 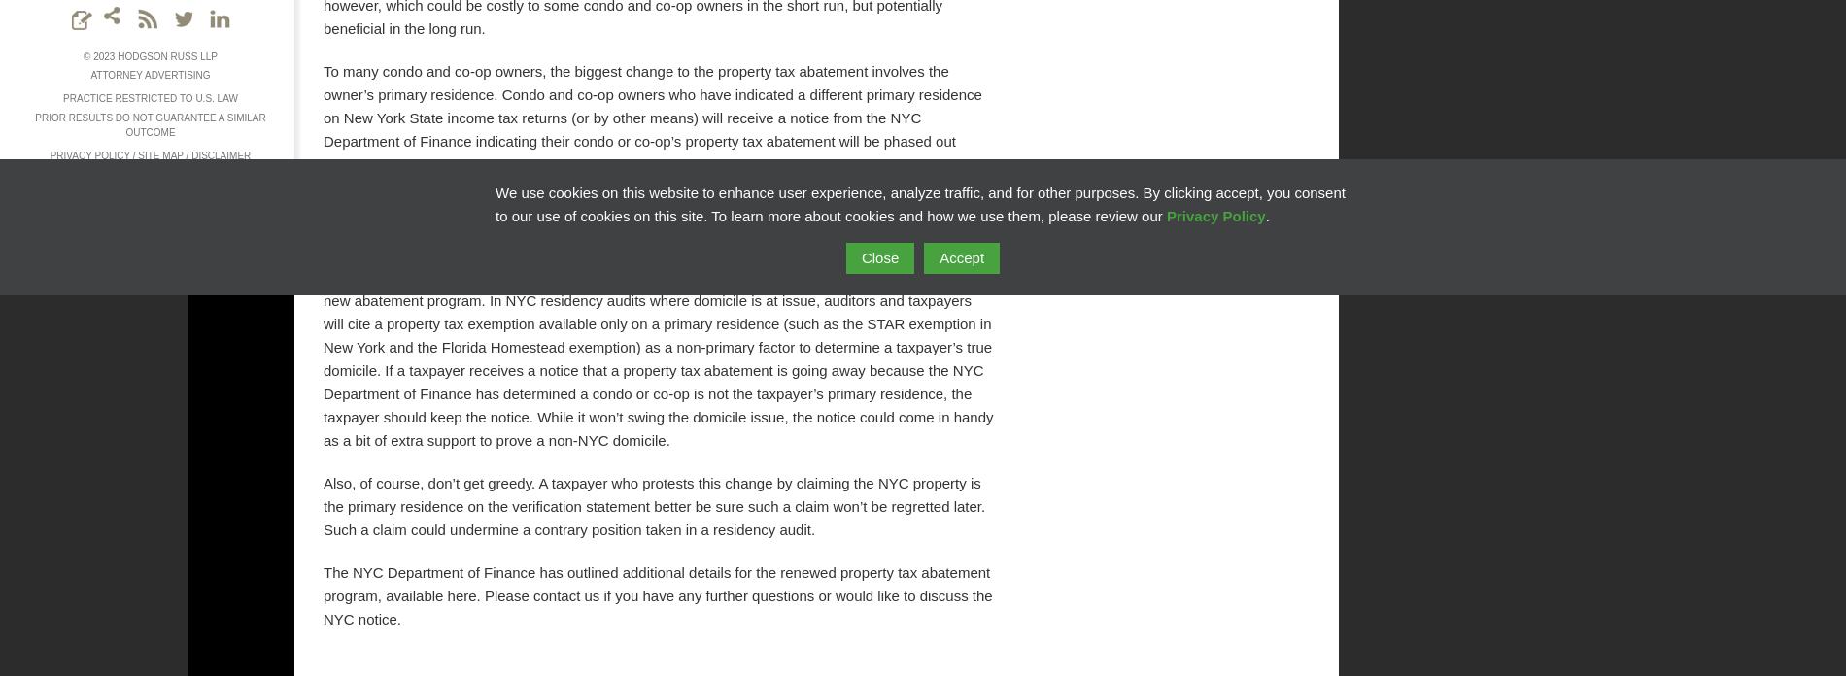 I want to click on 'Site Map', so click(x=159, y=154).